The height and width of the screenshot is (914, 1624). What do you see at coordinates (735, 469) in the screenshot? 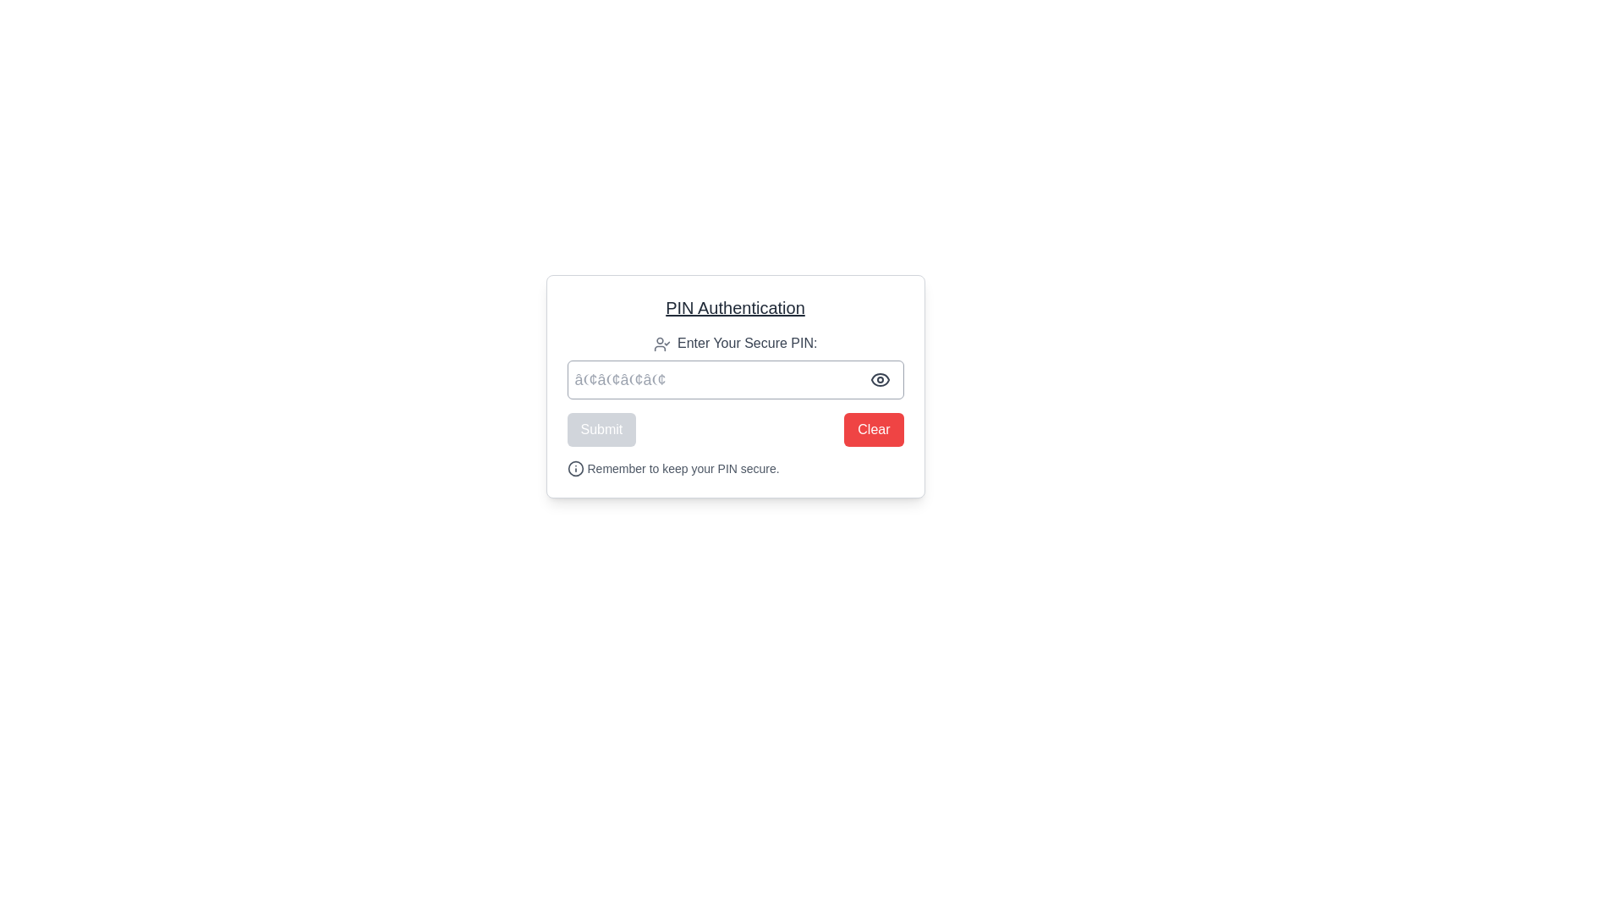
I see `the static informational text displaying 'Remember to keep your PIN secure.' which is styled in gray and located below the 'Submit' and 'Clear' buttons` at bounding box center [735, 469].